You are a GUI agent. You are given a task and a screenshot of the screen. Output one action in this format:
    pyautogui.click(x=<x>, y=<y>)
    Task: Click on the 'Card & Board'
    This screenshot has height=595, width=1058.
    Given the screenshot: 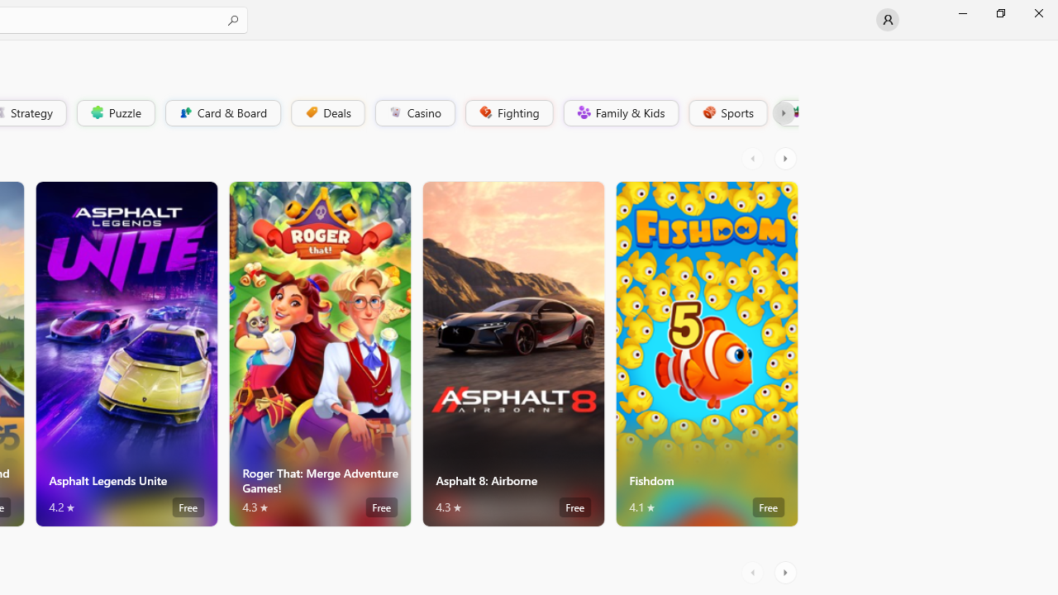 What is the action you would take?
    pyautogui.click(x=221, y=112)
    